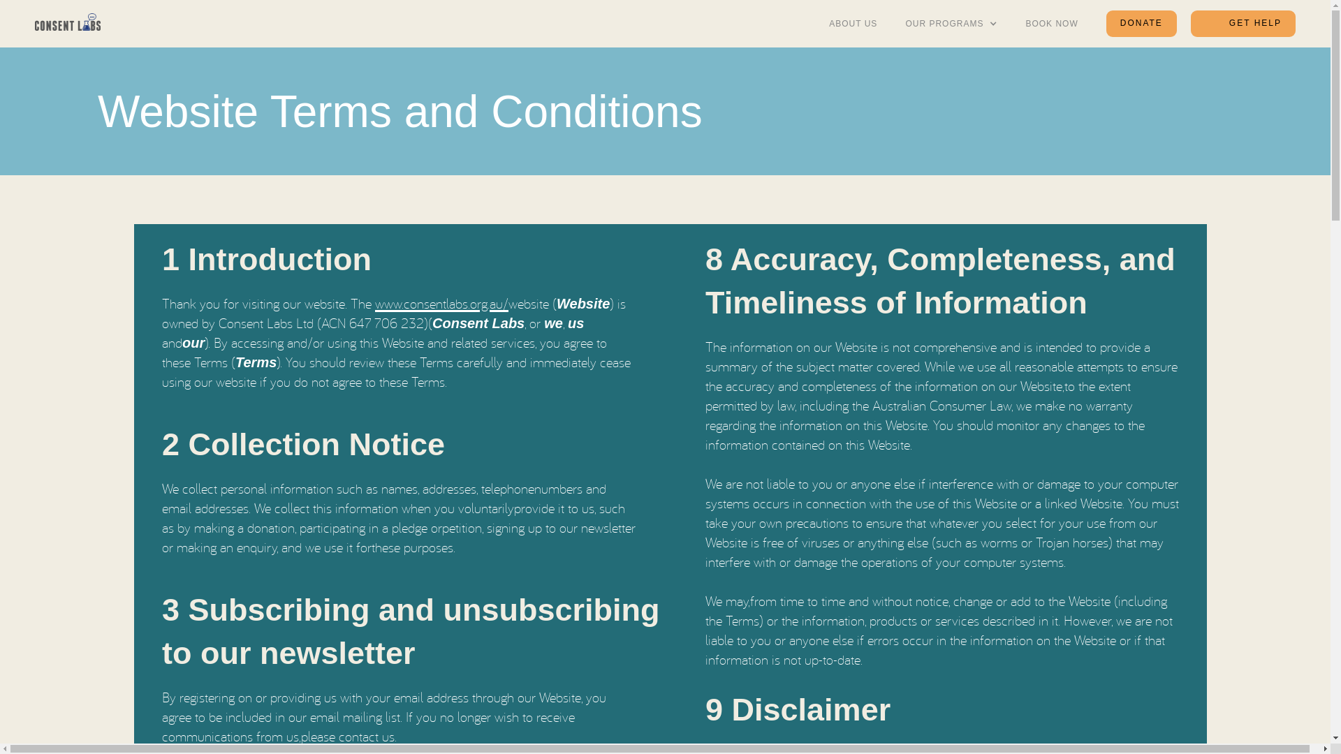 The height and width of the screenshot is (754, 1341). I want to click on 'GET HELP', so click(1243, 24).